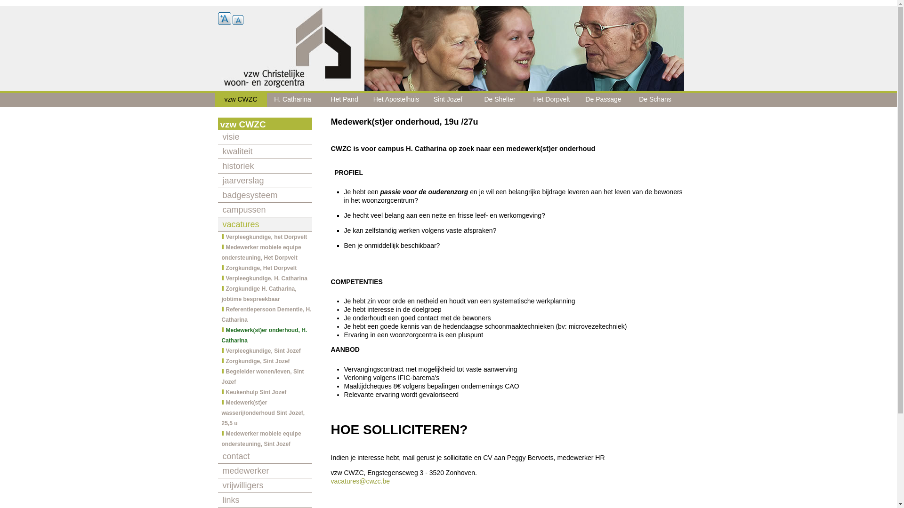 The height and width of the screenshot is (508, 904). I want to click on 'contact', so click(264, 456).